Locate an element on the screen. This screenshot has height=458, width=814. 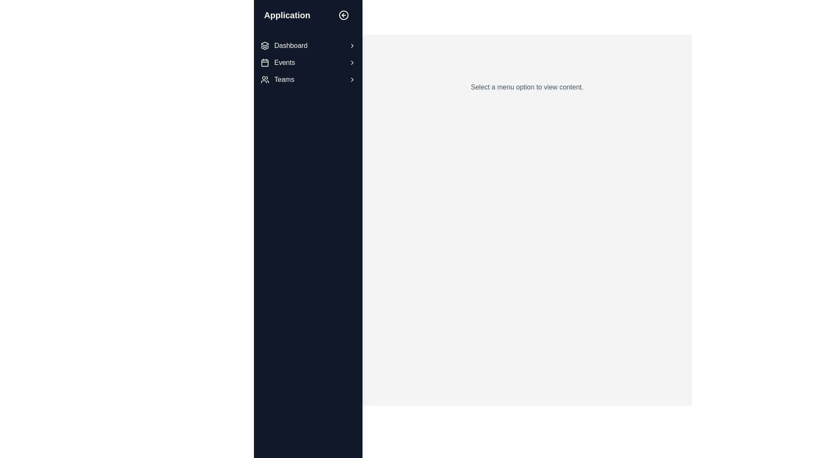
the 'Dashboard' navigation link located in the sidebar, which is the first item above 'Events' and 'Teams' is located at coordinates (284, 46).